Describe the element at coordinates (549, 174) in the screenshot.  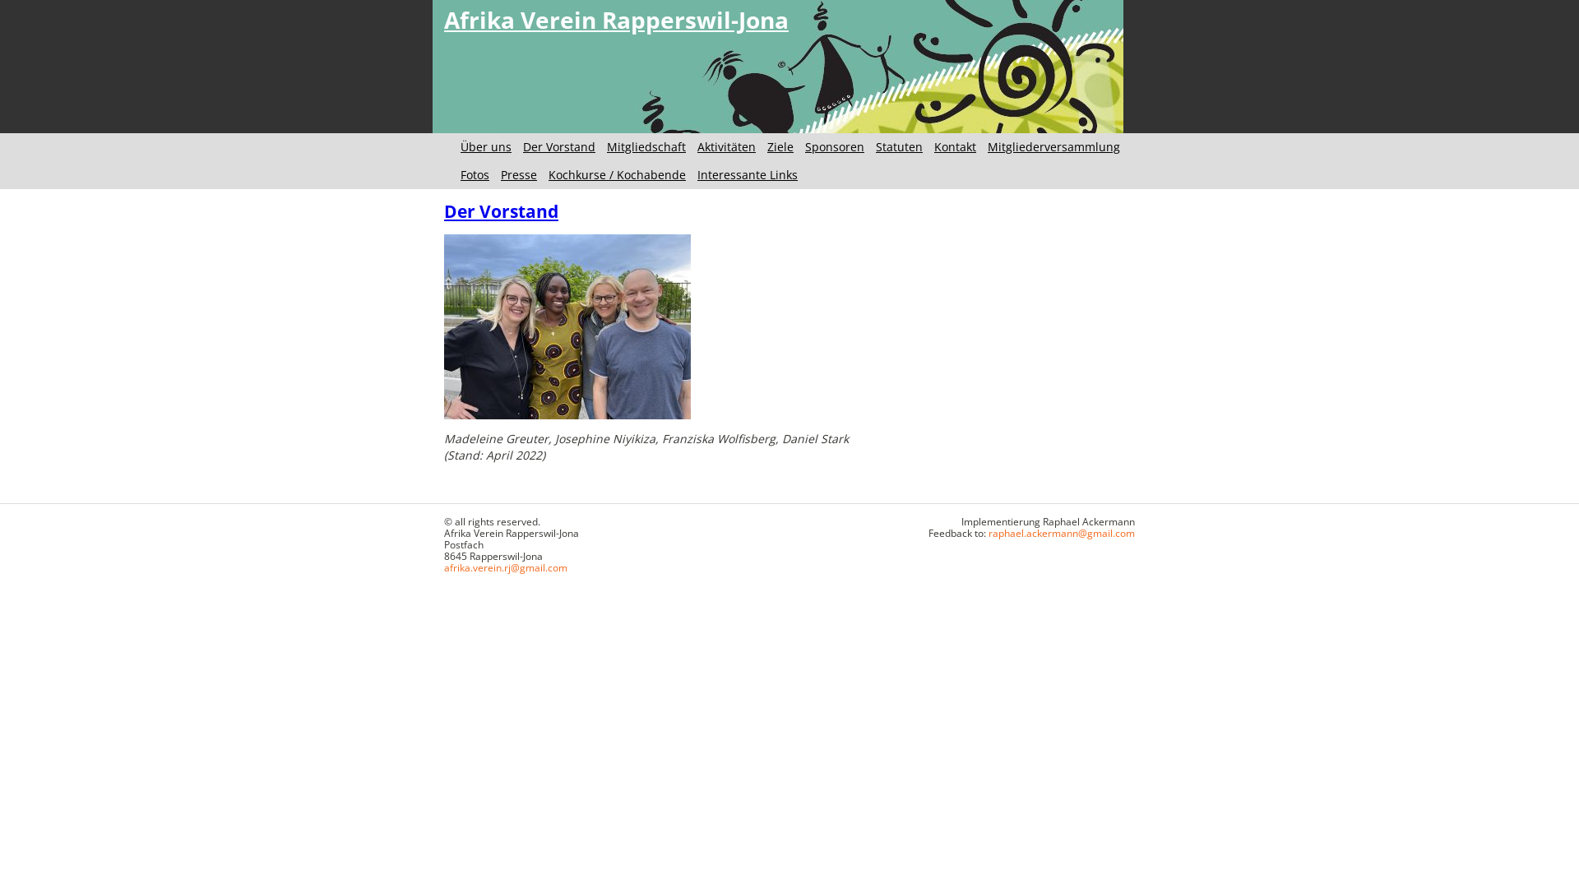
I see `'Kochkurse / Kochabende'` at that location.